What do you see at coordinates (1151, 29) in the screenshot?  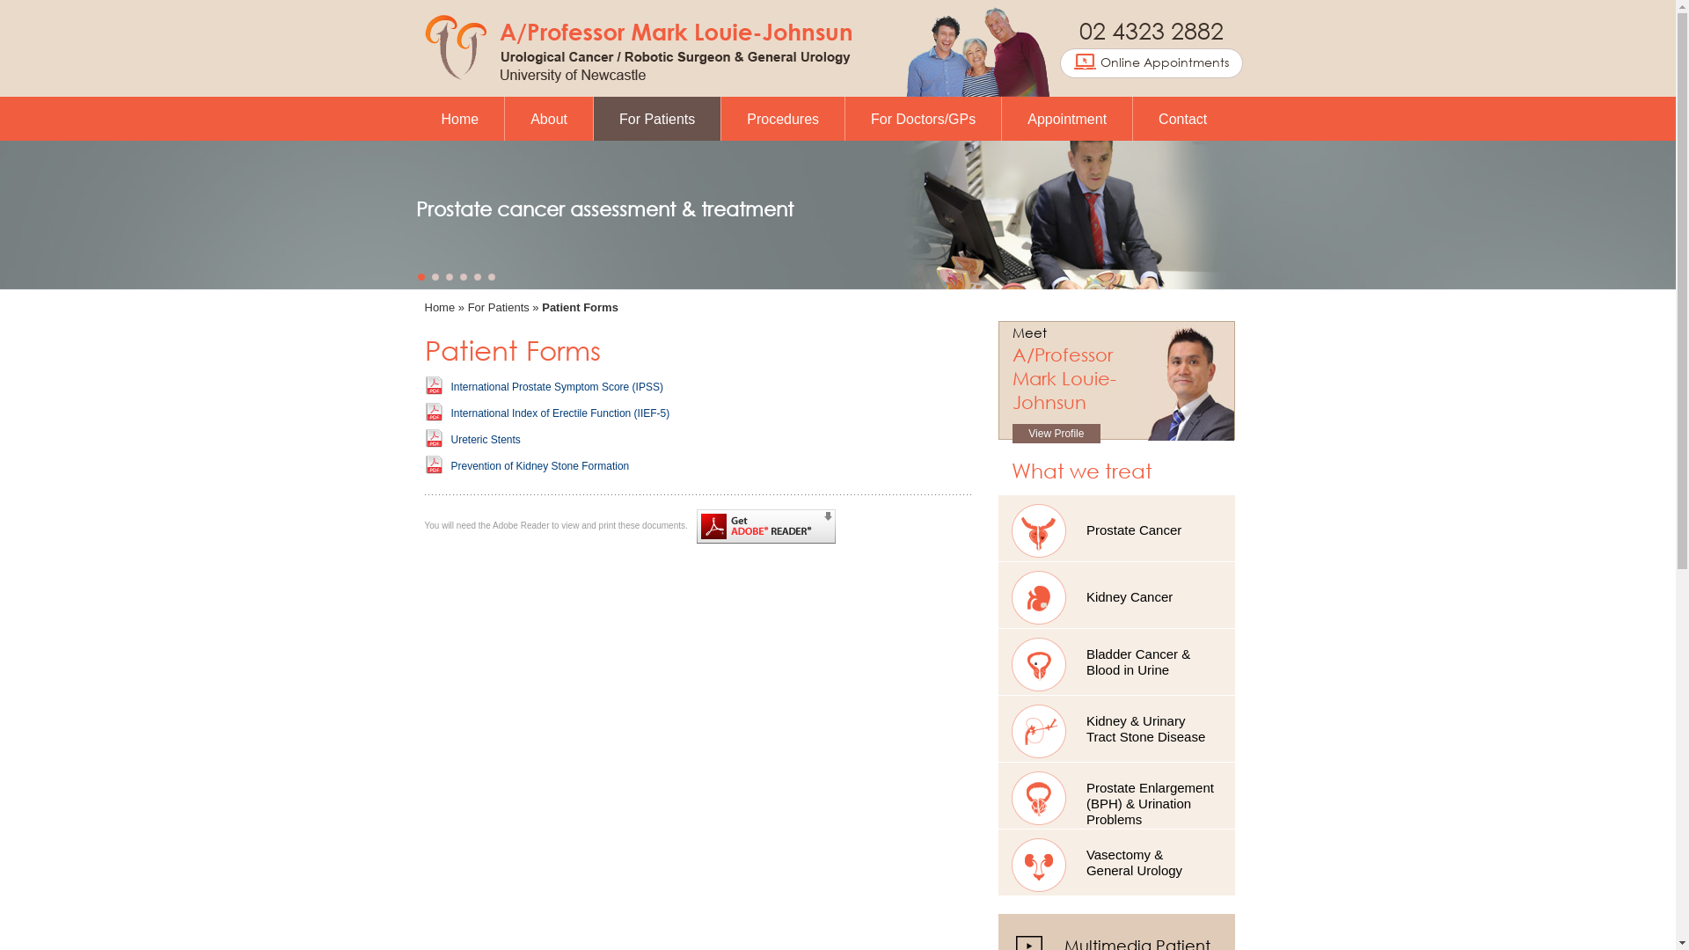 I see `'02 4323 2882'` at bounding box center [1151, 29].